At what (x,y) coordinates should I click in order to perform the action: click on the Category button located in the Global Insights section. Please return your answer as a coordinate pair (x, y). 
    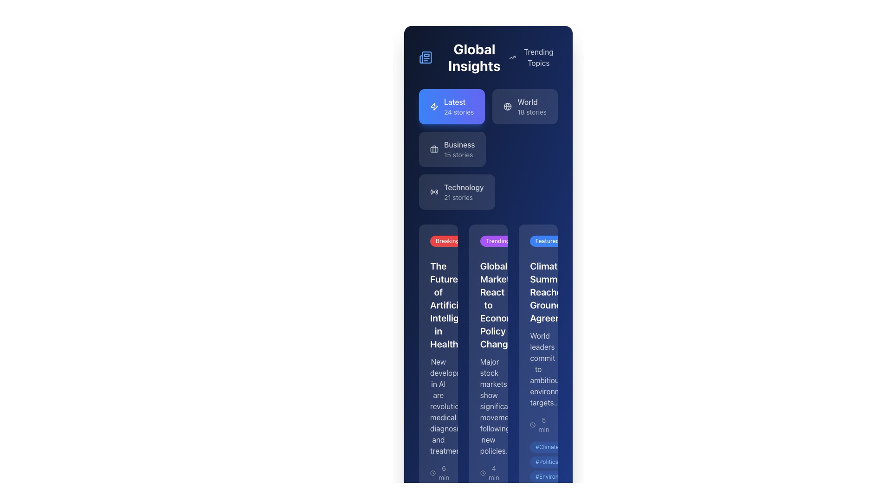
    Looking at the image, I should click on (457, 191).